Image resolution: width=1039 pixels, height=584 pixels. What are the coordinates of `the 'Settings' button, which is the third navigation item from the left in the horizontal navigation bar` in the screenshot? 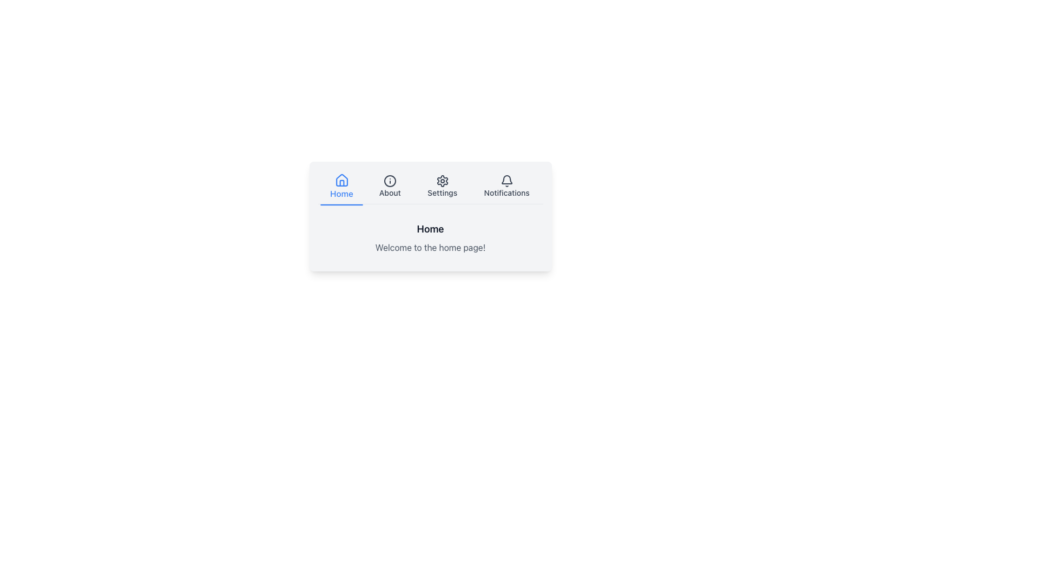 It's located at (442, 187).